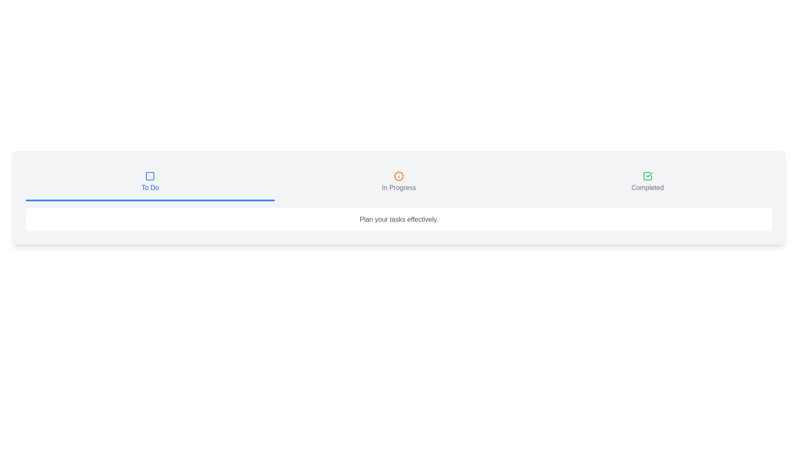 This screenshot has height=451, width=803. What do you see at coordinates (647, 182) in the screenshot?
I see `the tab with the icon corresponding to Completed` at bounding box center [647, 182].